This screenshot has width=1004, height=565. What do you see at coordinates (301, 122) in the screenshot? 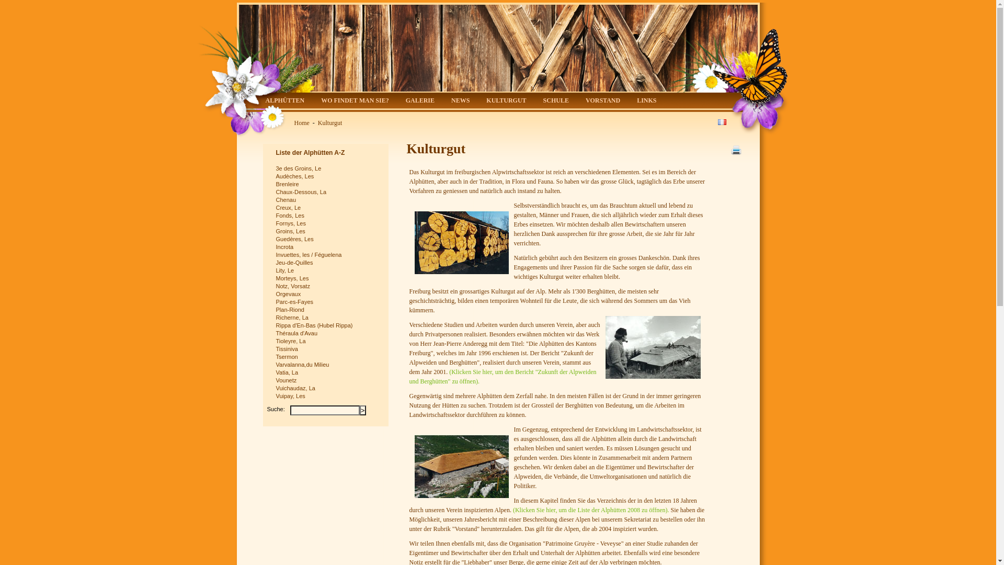
I see `'Home'` at bounding box center [301, 122].